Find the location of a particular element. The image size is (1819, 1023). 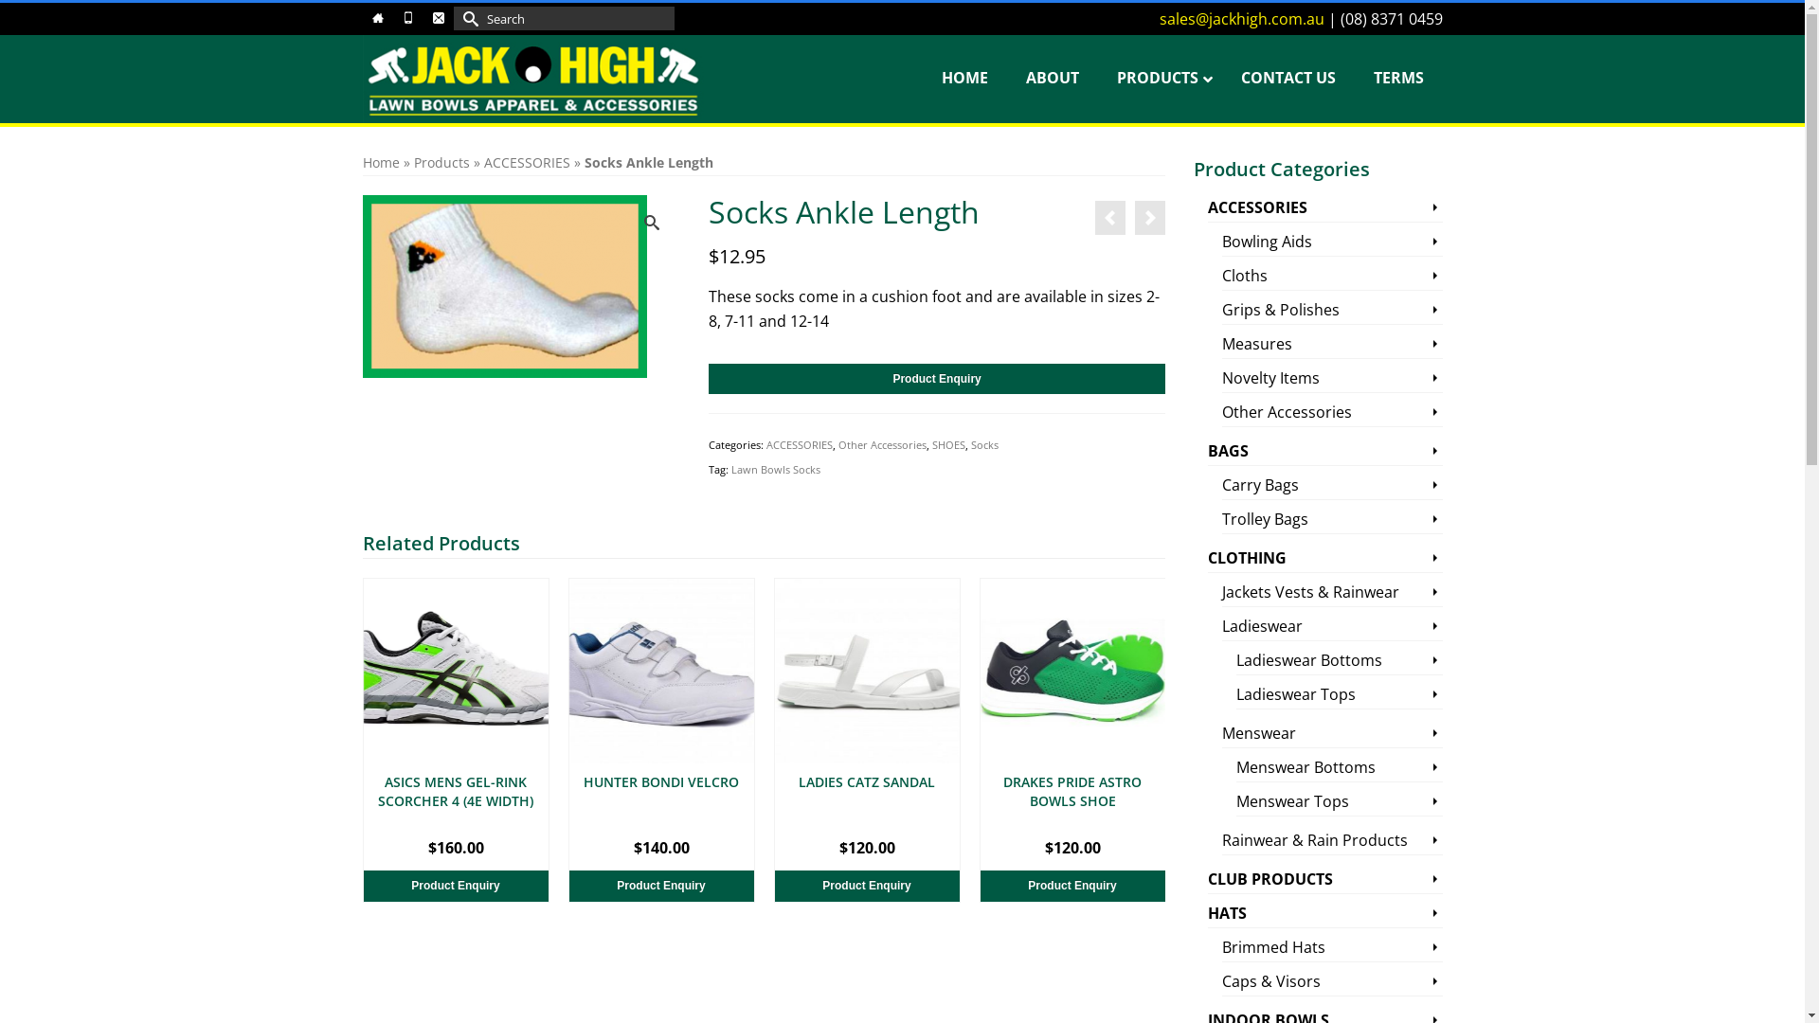

'Menswear Tops' is located at coordinates (1339, 801).